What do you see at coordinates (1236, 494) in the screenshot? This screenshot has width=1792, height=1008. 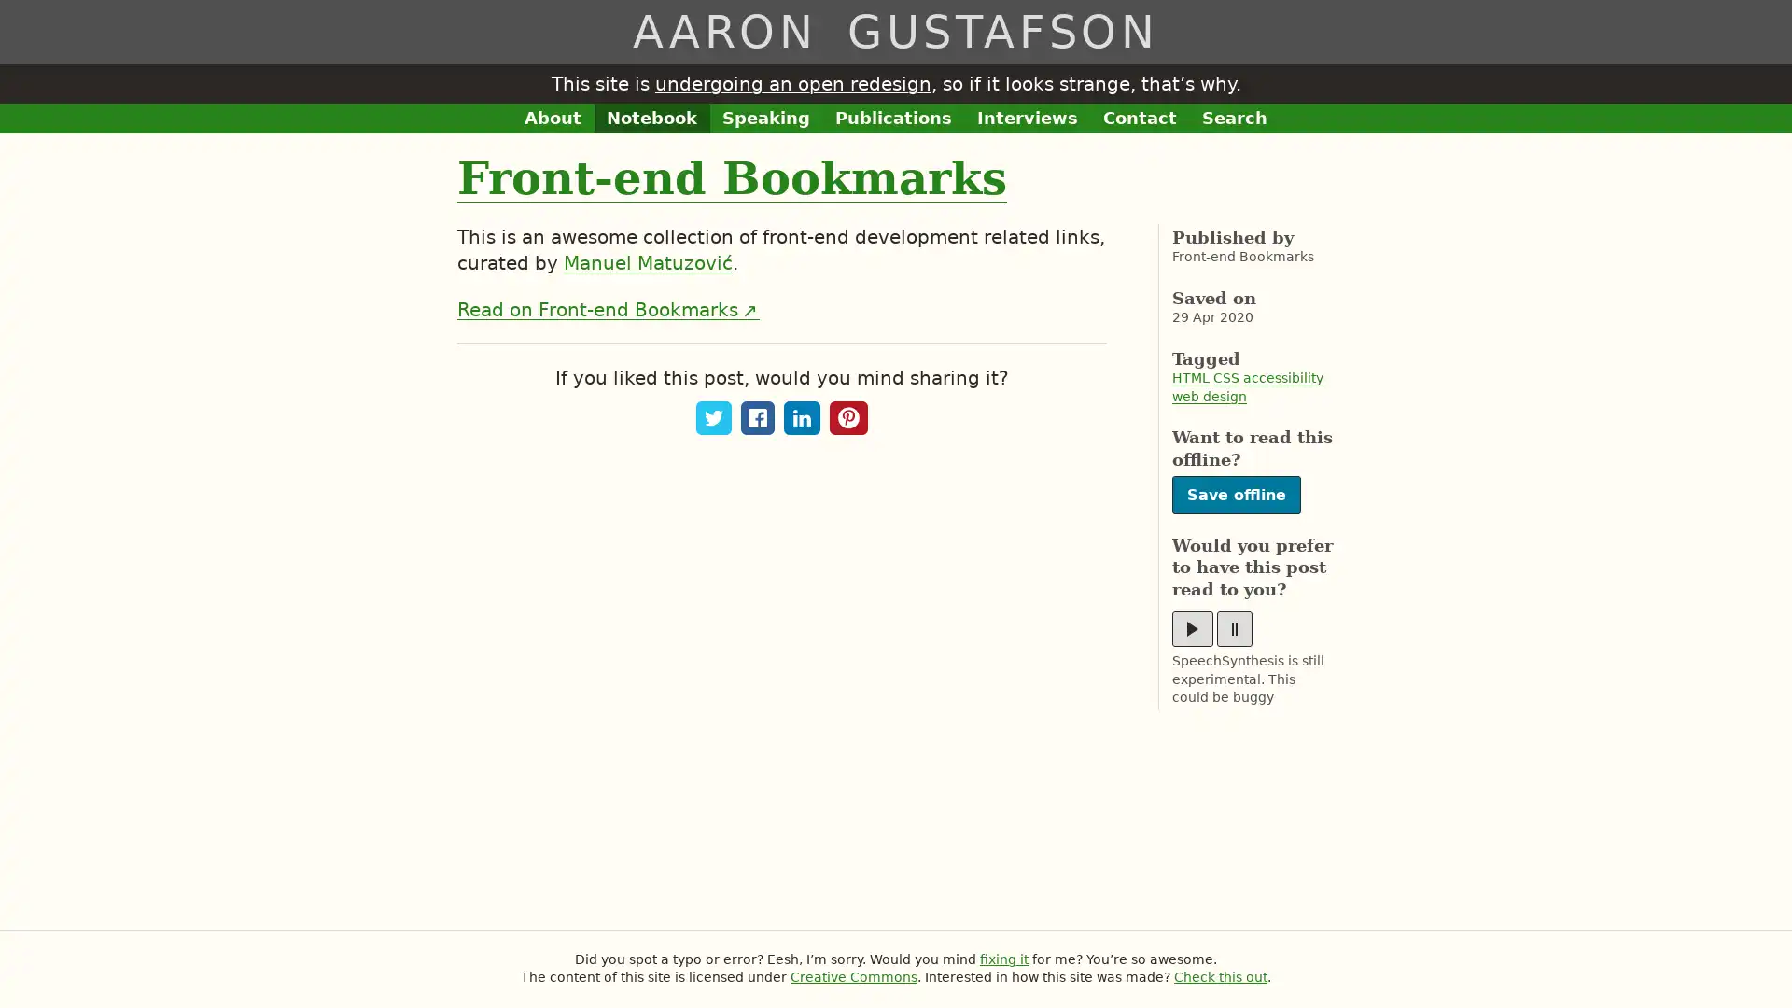 I see `Save offline` at bounding box center [1236, 494].